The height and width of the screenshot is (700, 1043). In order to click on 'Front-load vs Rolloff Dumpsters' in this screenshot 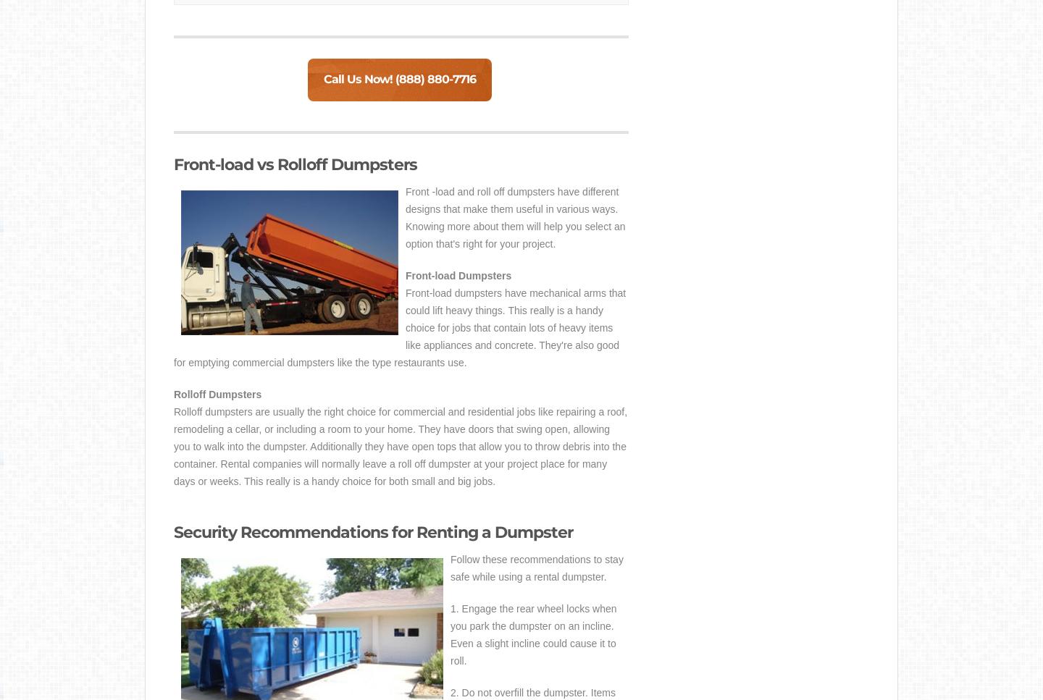, I will do `click(294, 164)`.